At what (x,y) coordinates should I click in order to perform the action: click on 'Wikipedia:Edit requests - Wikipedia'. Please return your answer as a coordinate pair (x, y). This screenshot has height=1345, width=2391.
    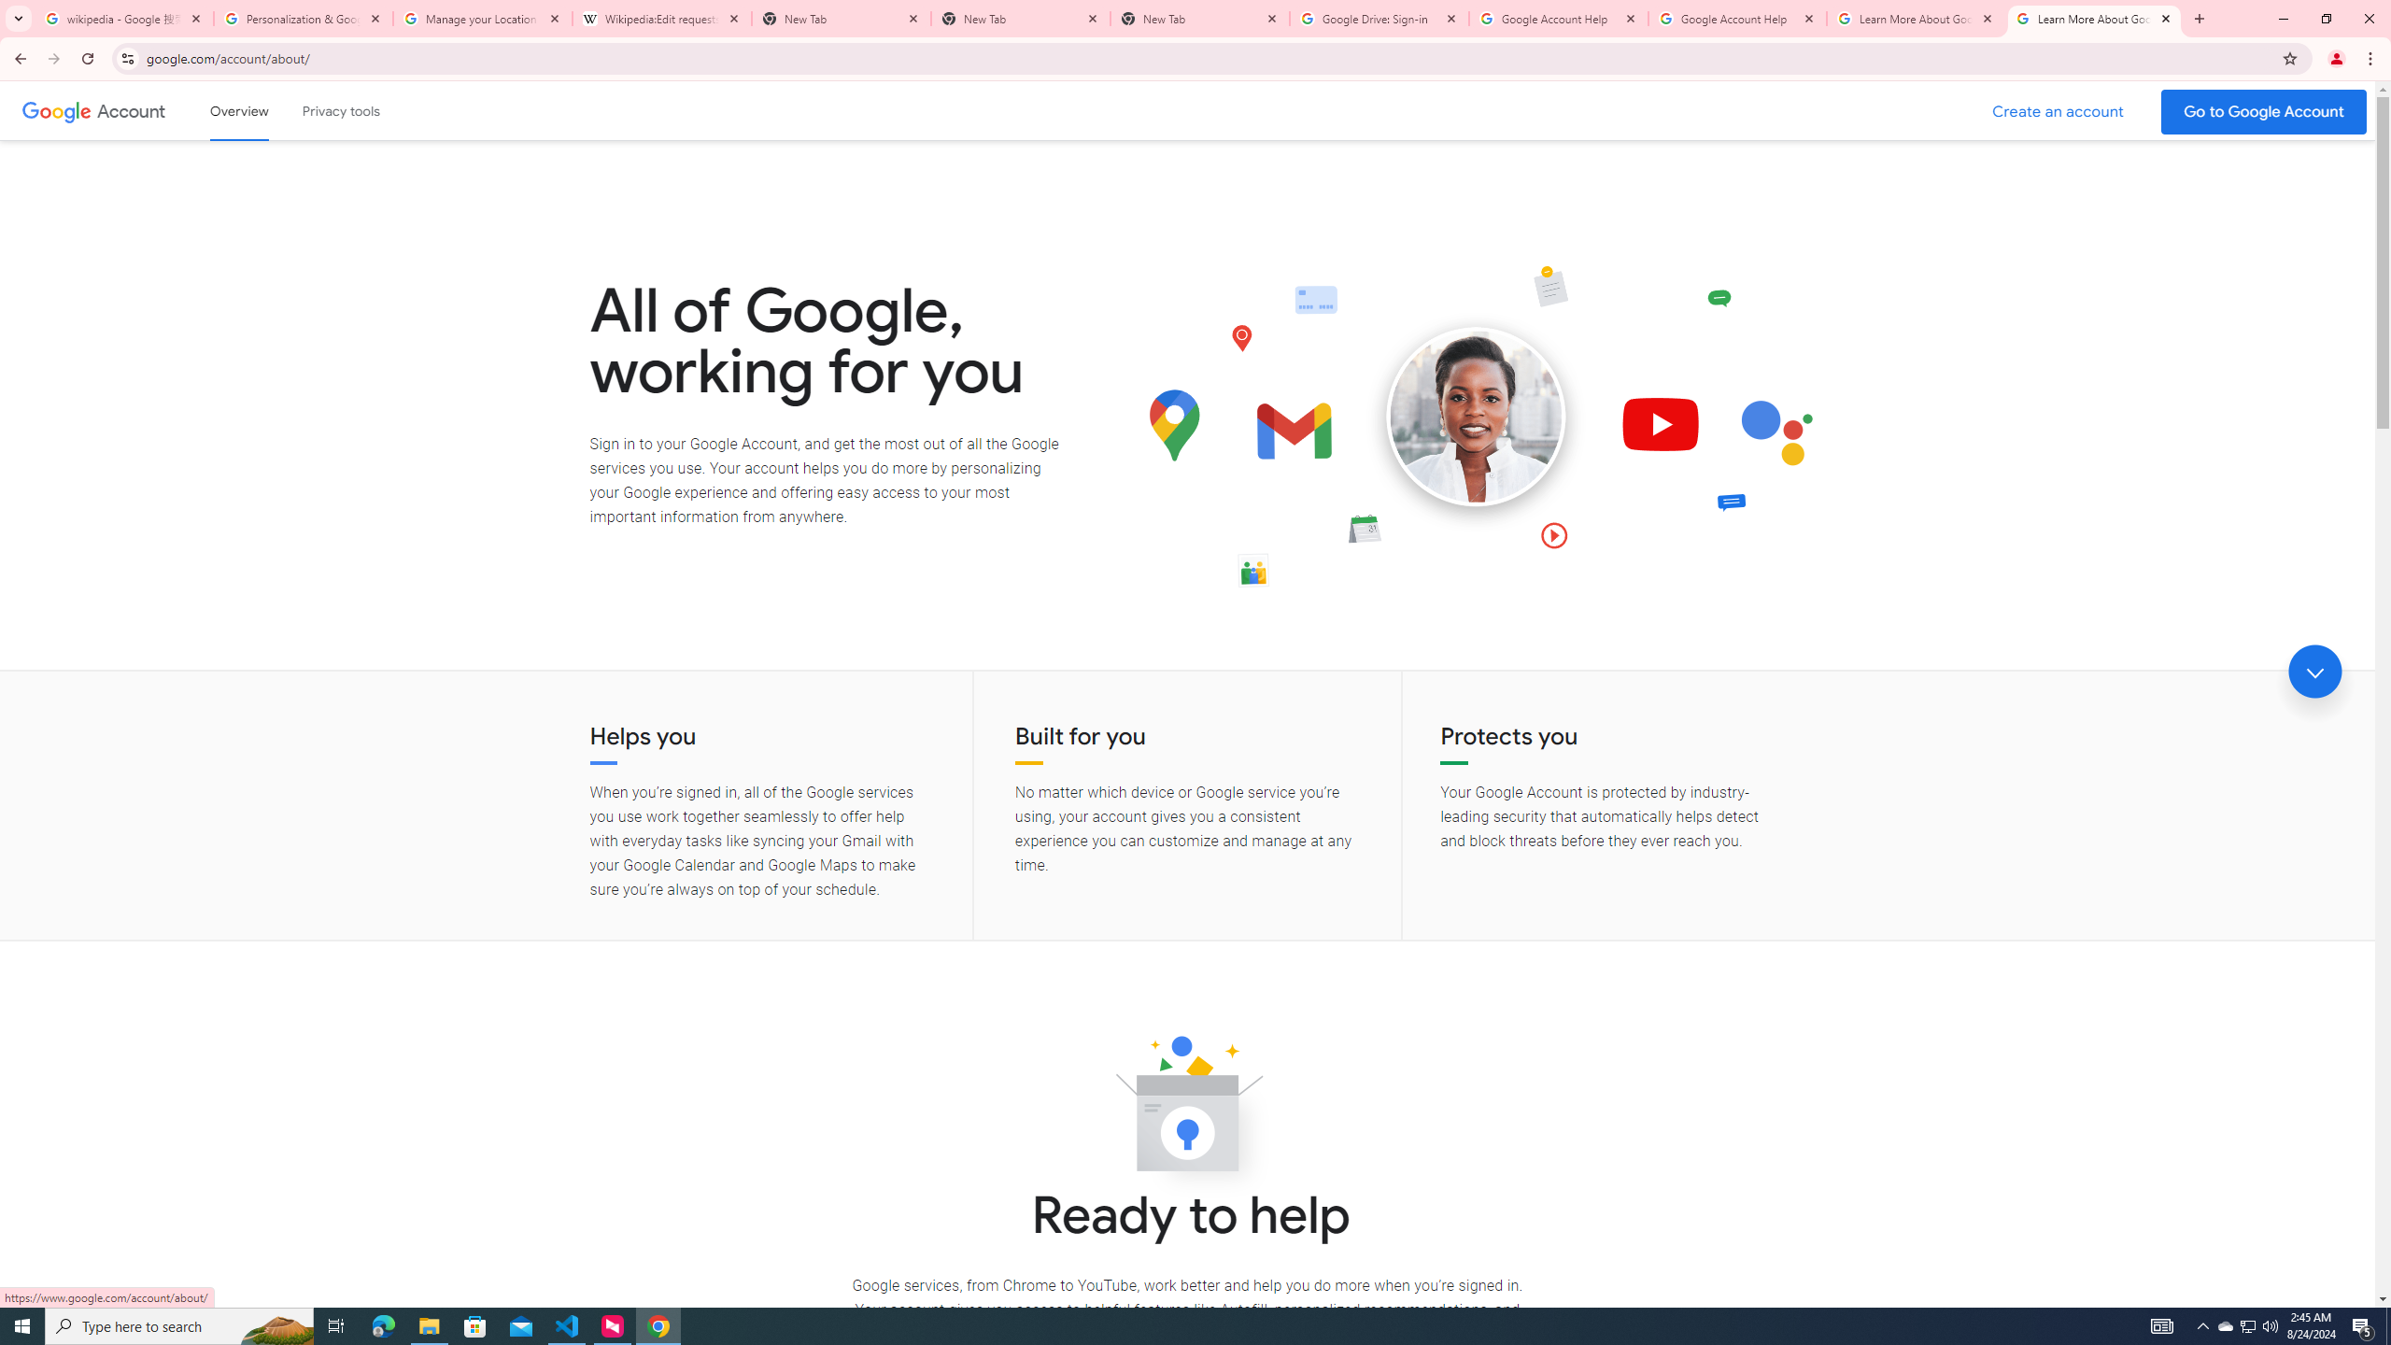
    Looking at the image, I should click on (662, 18).